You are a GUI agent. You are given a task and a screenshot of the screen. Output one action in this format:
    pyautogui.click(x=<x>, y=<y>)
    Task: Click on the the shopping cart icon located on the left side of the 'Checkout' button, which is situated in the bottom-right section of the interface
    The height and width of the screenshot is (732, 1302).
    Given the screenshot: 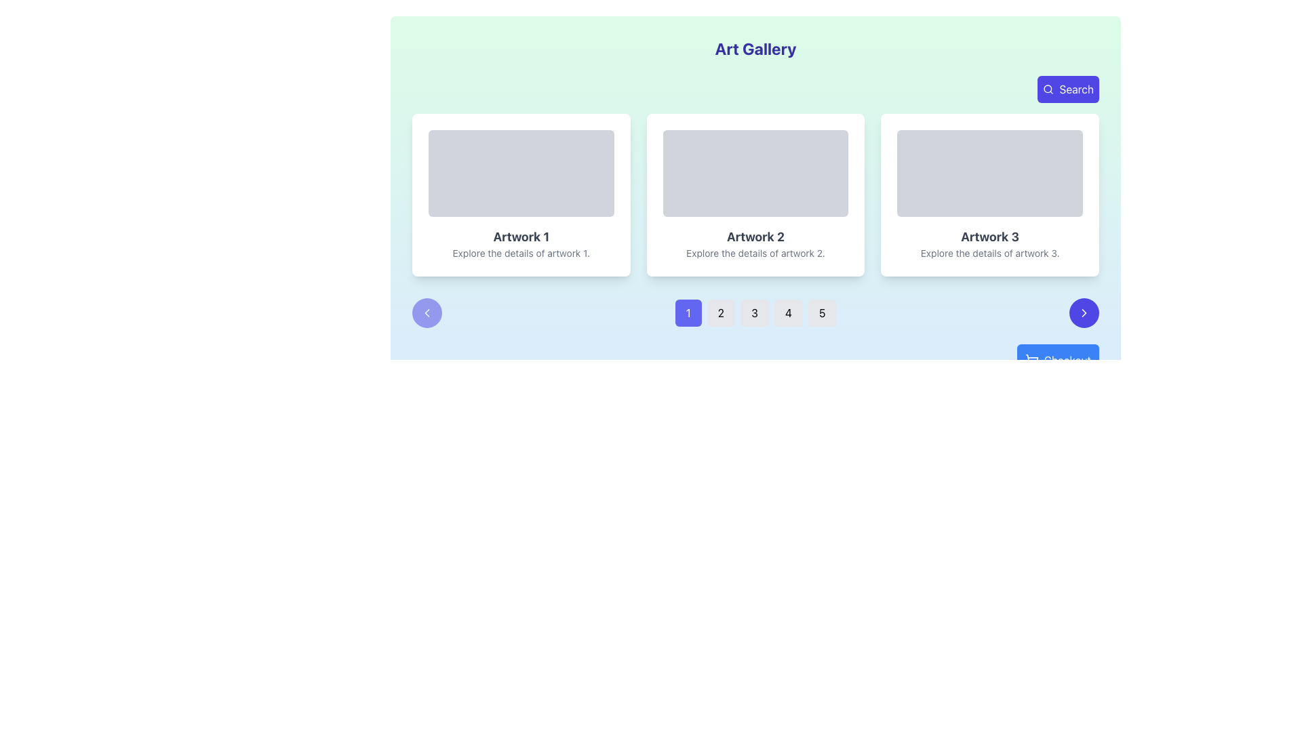 What is the action you would take?
    pyautogui.click(x=1031, y=360)
    